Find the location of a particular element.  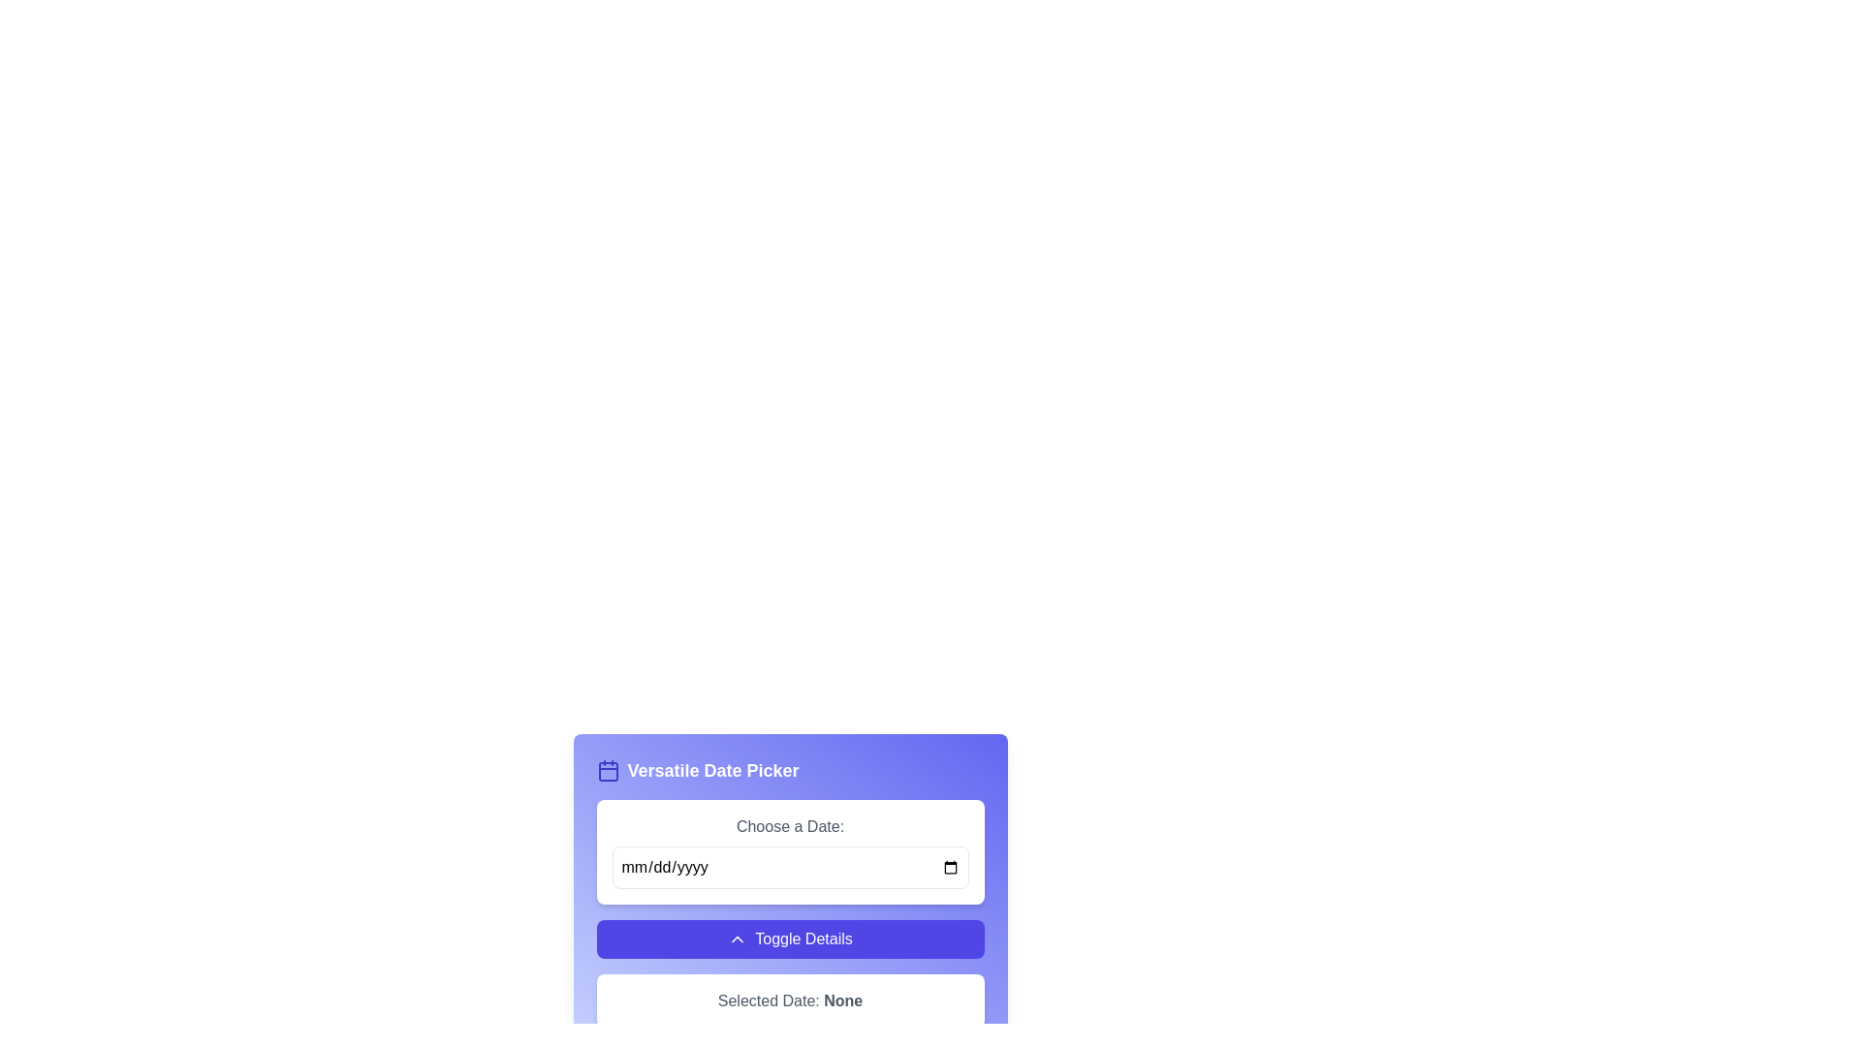

the 'Toggle Details' button, which is an indigo rectangular button with rounded corners displaying white text and a chevron-up icon is located at coordinates (790, 938).